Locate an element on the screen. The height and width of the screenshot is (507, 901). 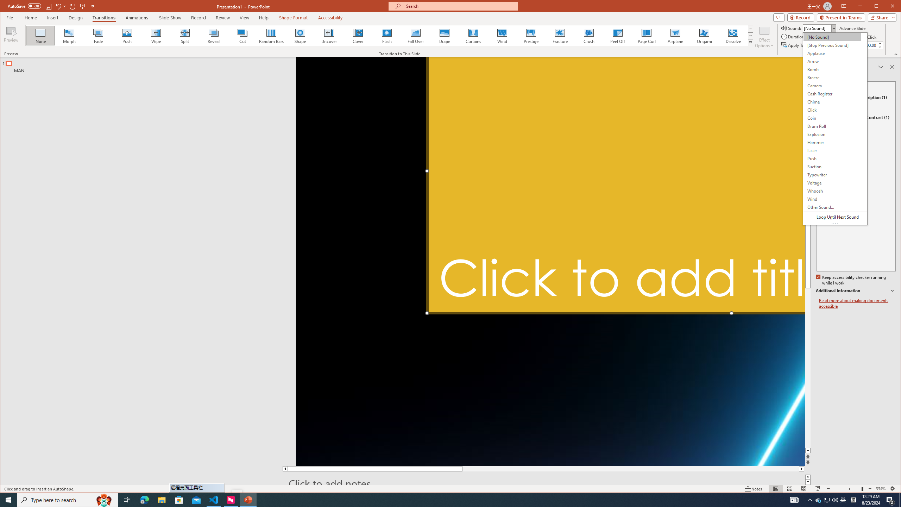
'File Tab' is located at coordinates (9, 17).